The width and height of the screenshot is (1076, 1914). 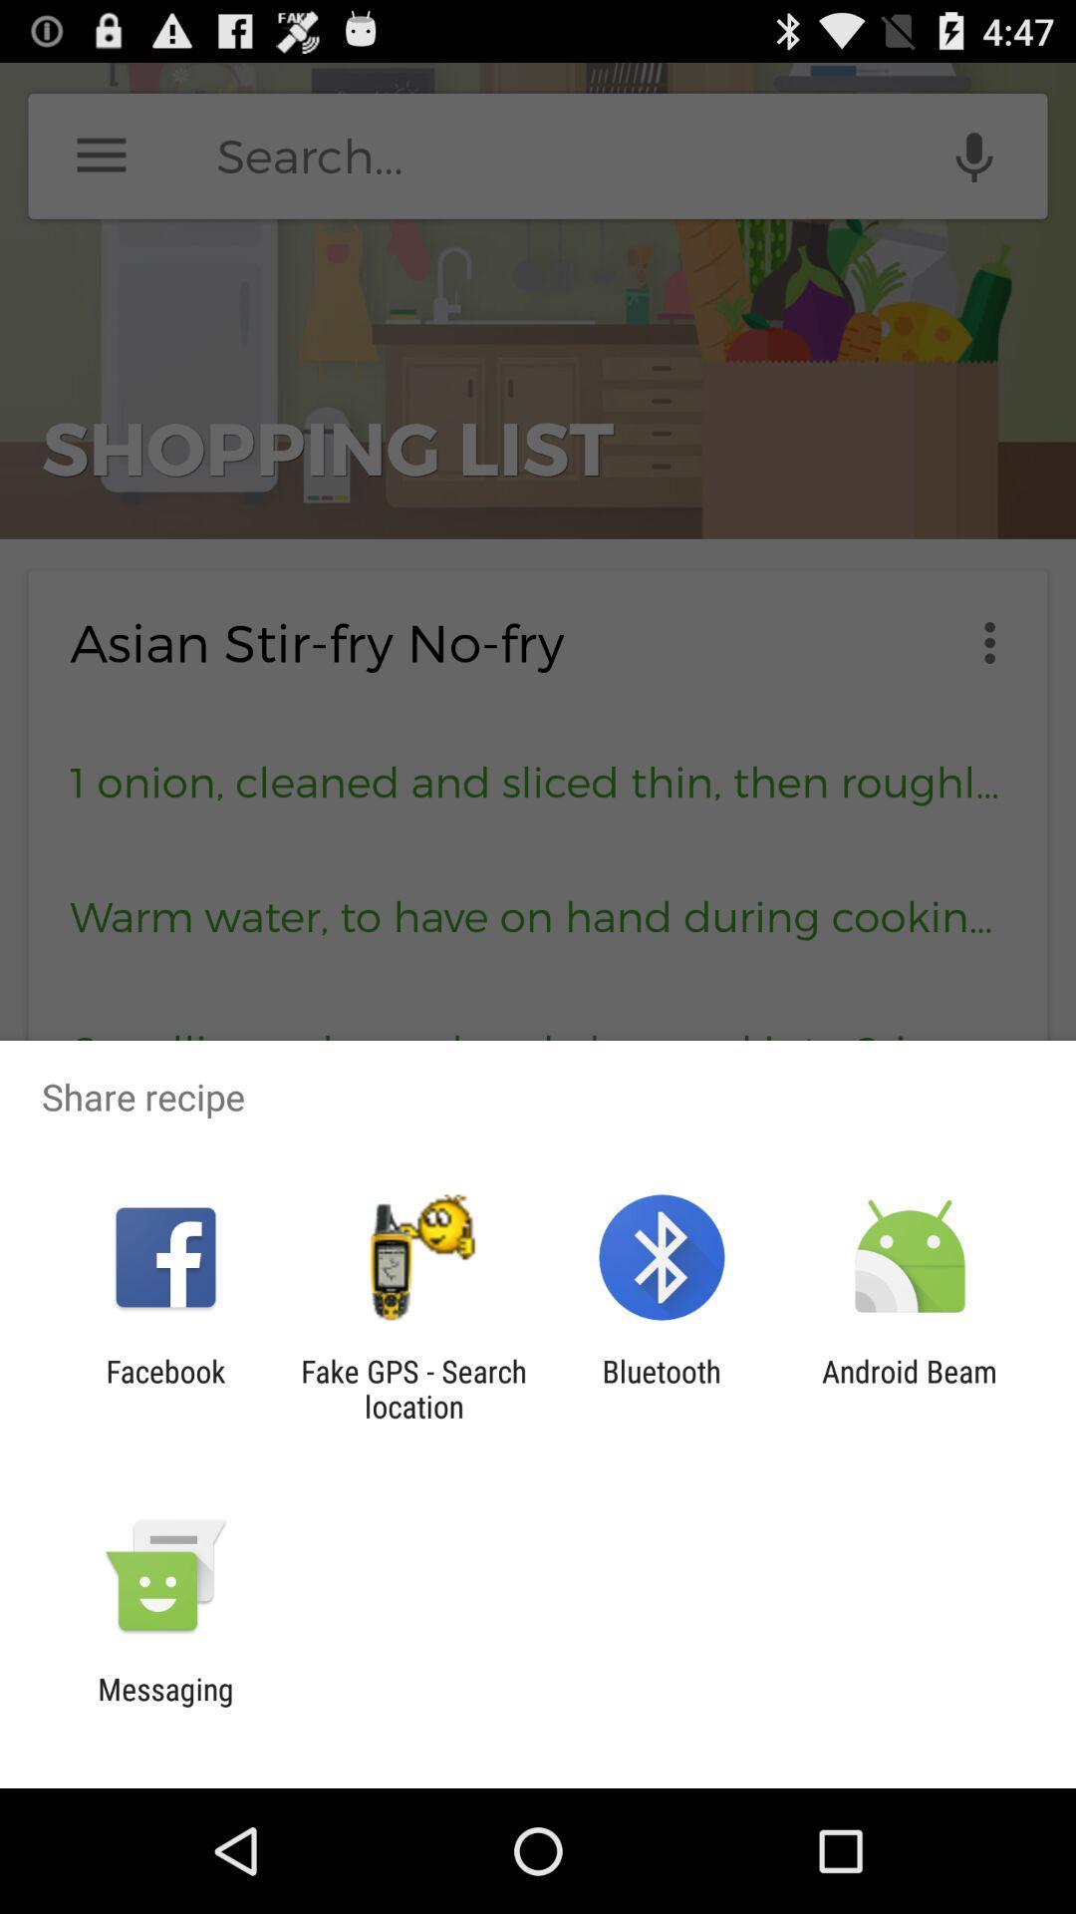 What do you see at coordinates (662, 1388) in the screenshot?
I see `bluetooth item` at bounding box center [662, 1388].